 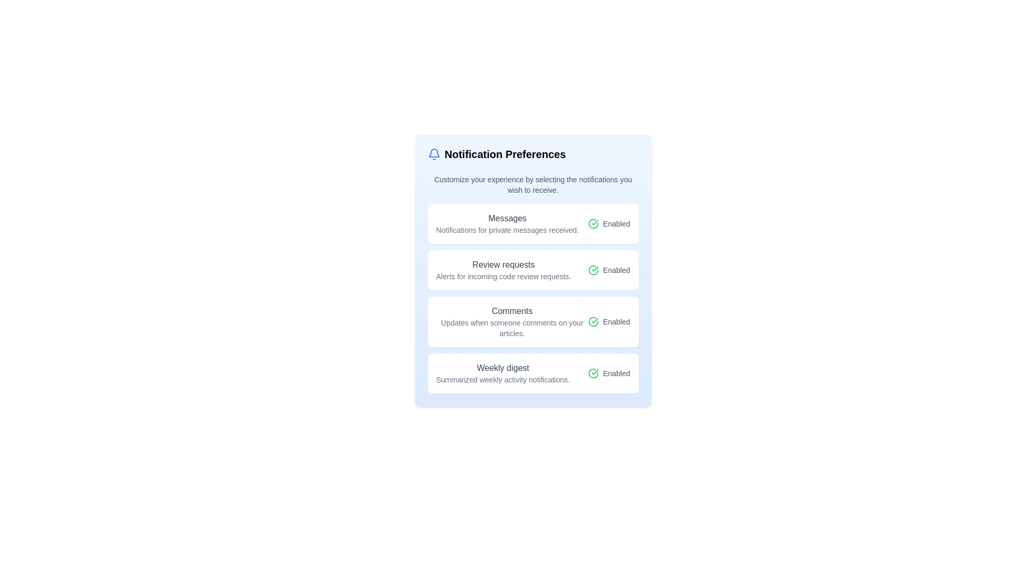 I want to click on detailed information presented in the toggleable notification setting for 'Messages', which is the first item in the vertical list under 'Notification Preferences', so click(x=533, y=223).